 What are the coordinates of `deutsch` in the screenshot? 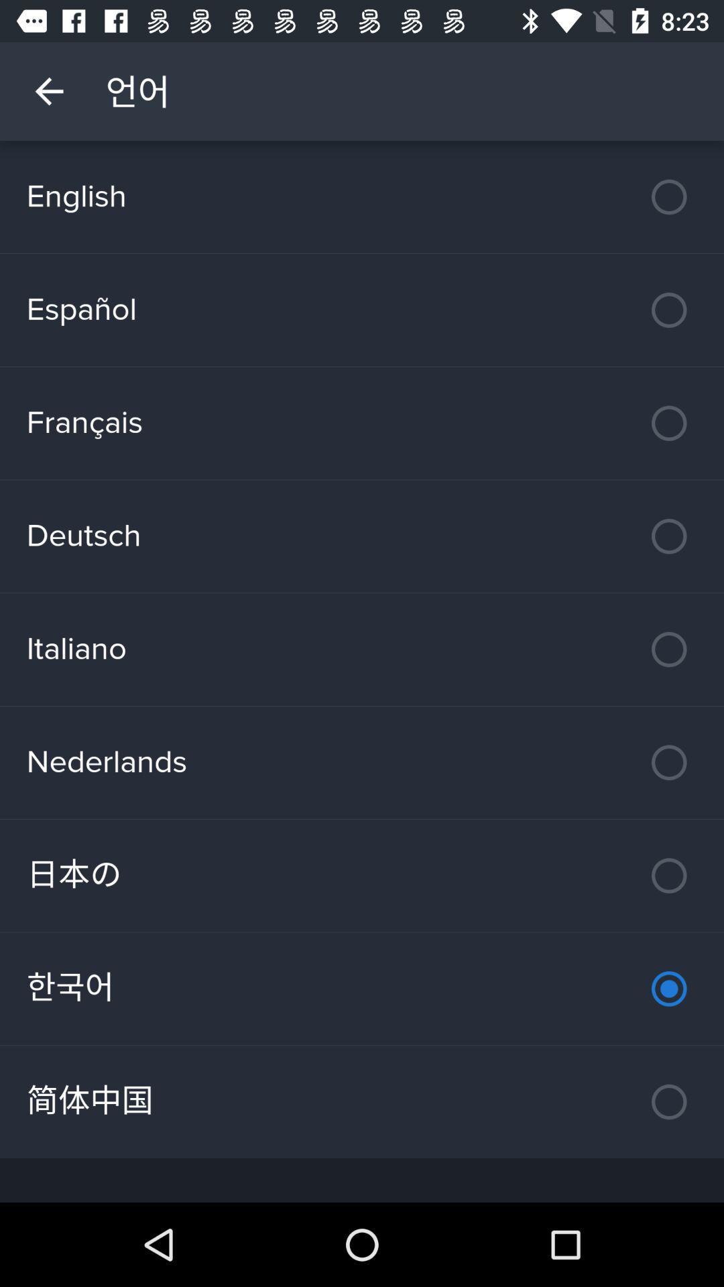 It's located at (362, 536).